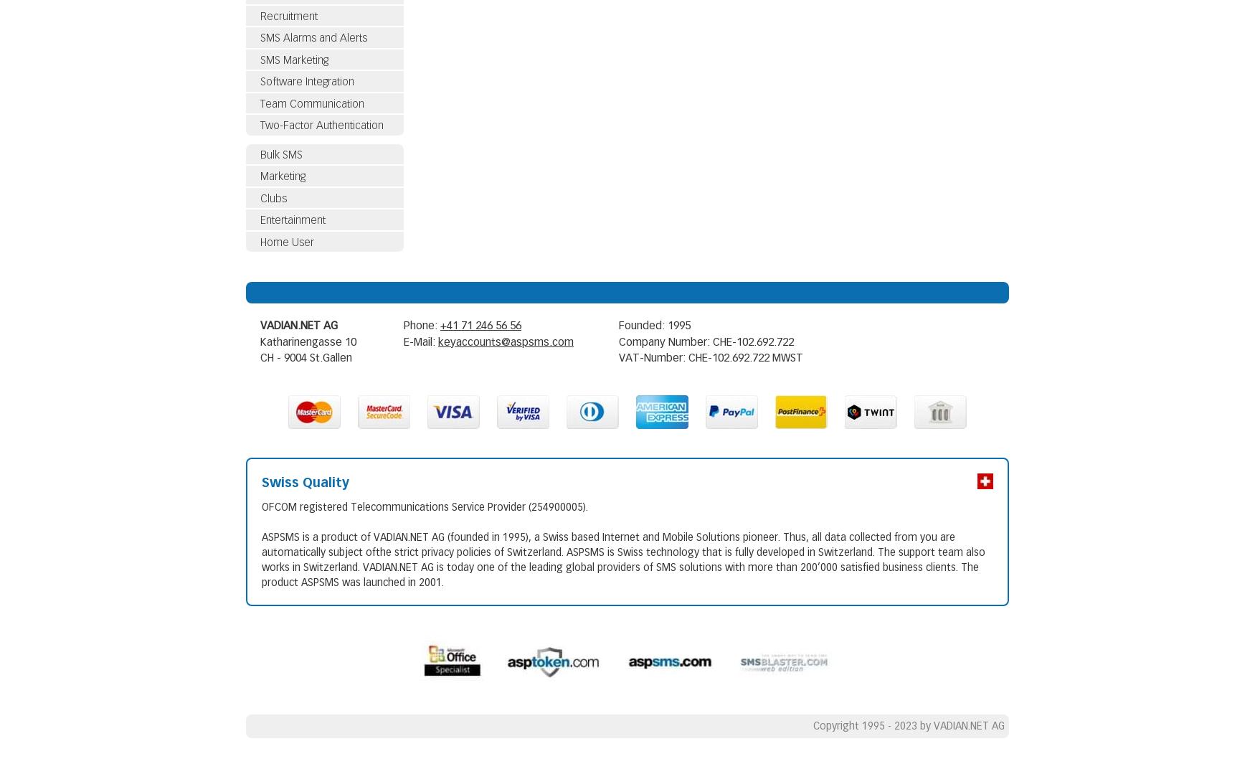 The width and height of the screenshot is (1255, 774). Describe the element at coordinates (402, 340) in the screenshot. I see `'E-Mail:'` at that location.